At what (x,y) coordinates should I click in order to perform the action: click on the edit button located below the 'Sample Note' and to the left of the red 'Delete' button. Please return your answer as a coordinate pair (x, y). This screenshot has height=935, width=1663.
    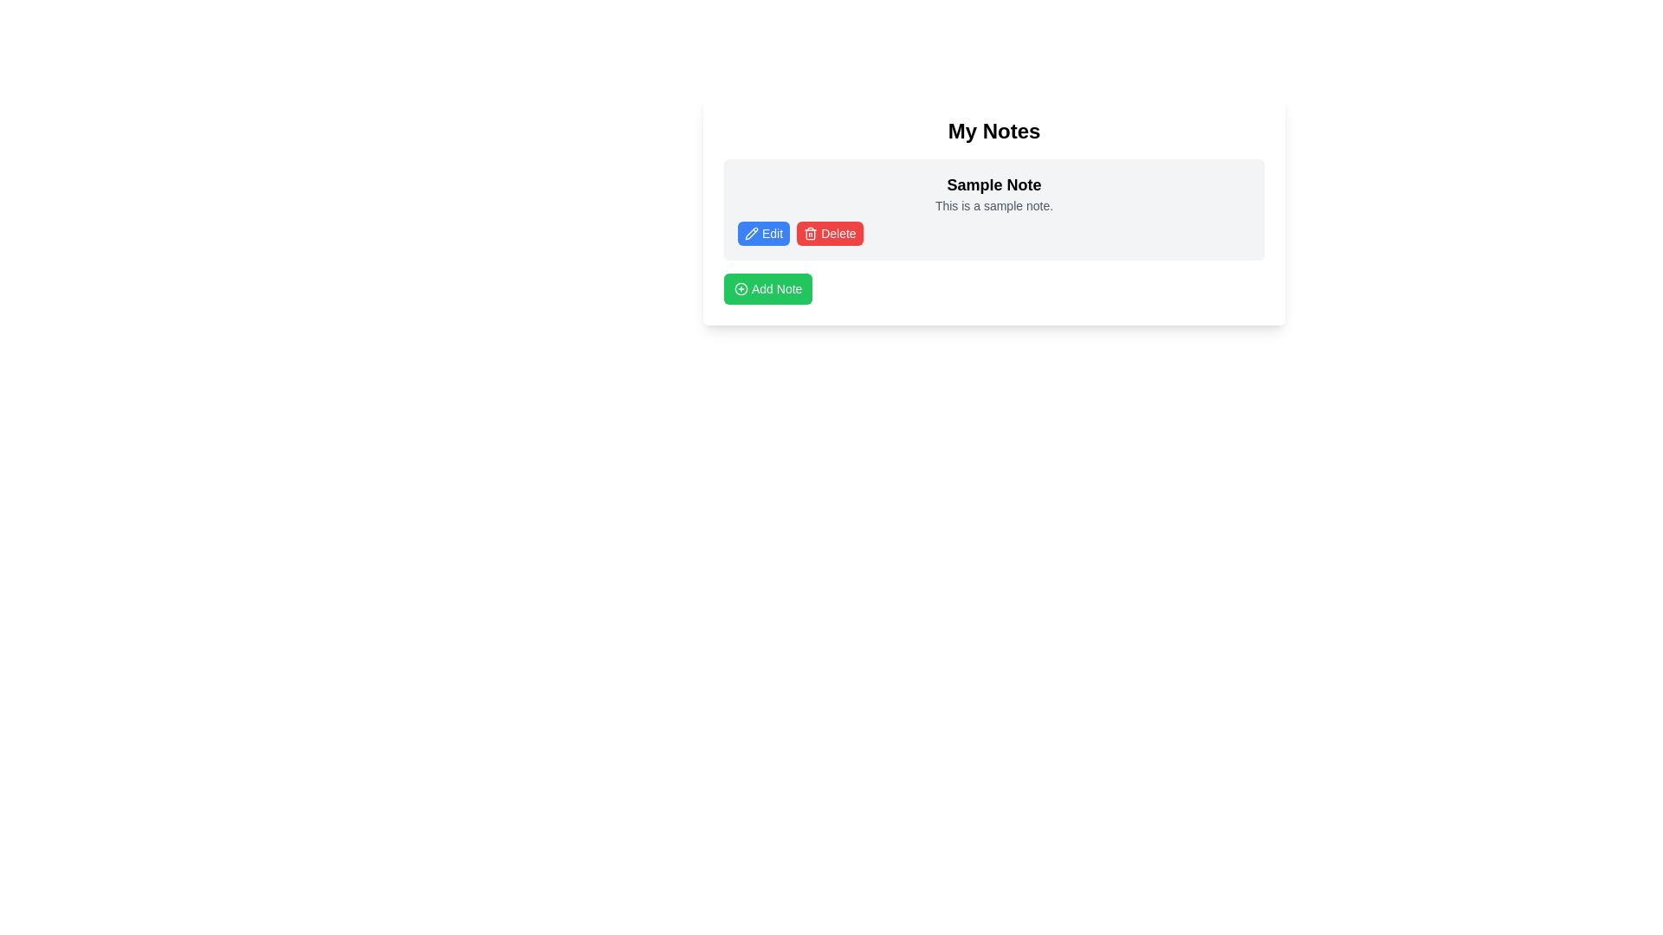
    Looking at the image, I should click on (763, 234).